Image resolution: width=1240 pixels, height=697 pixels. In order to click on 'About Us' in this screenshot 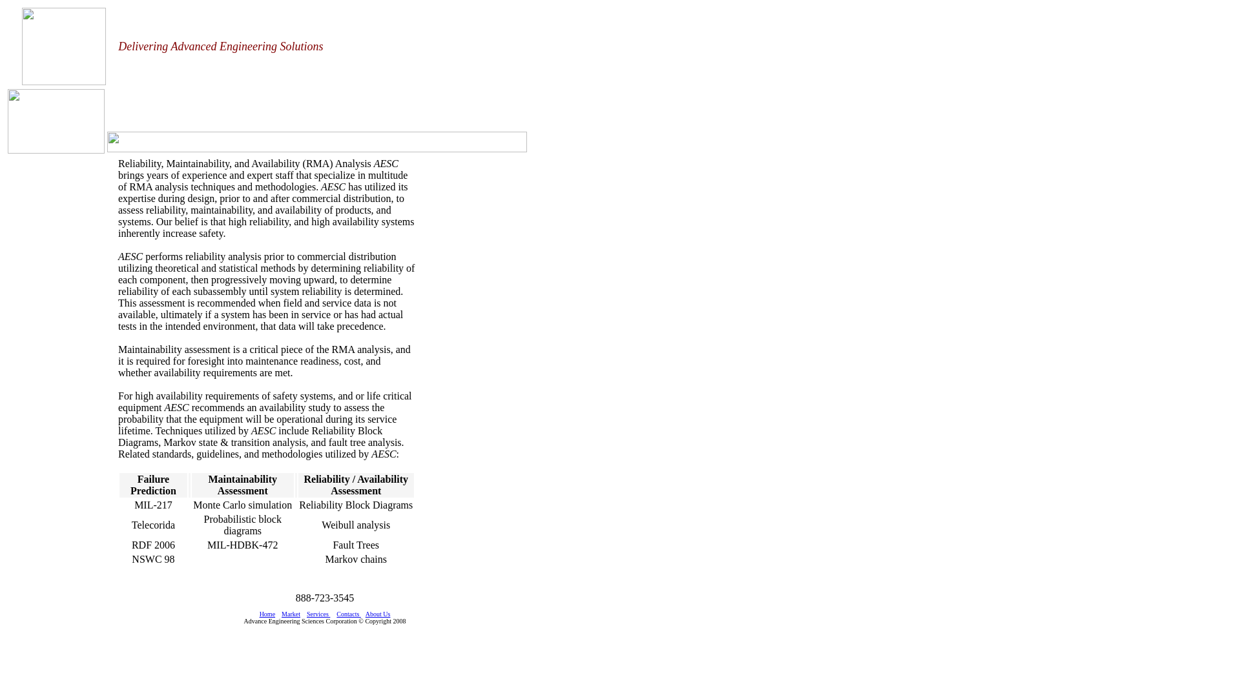, I will do `click(377, 613)`.